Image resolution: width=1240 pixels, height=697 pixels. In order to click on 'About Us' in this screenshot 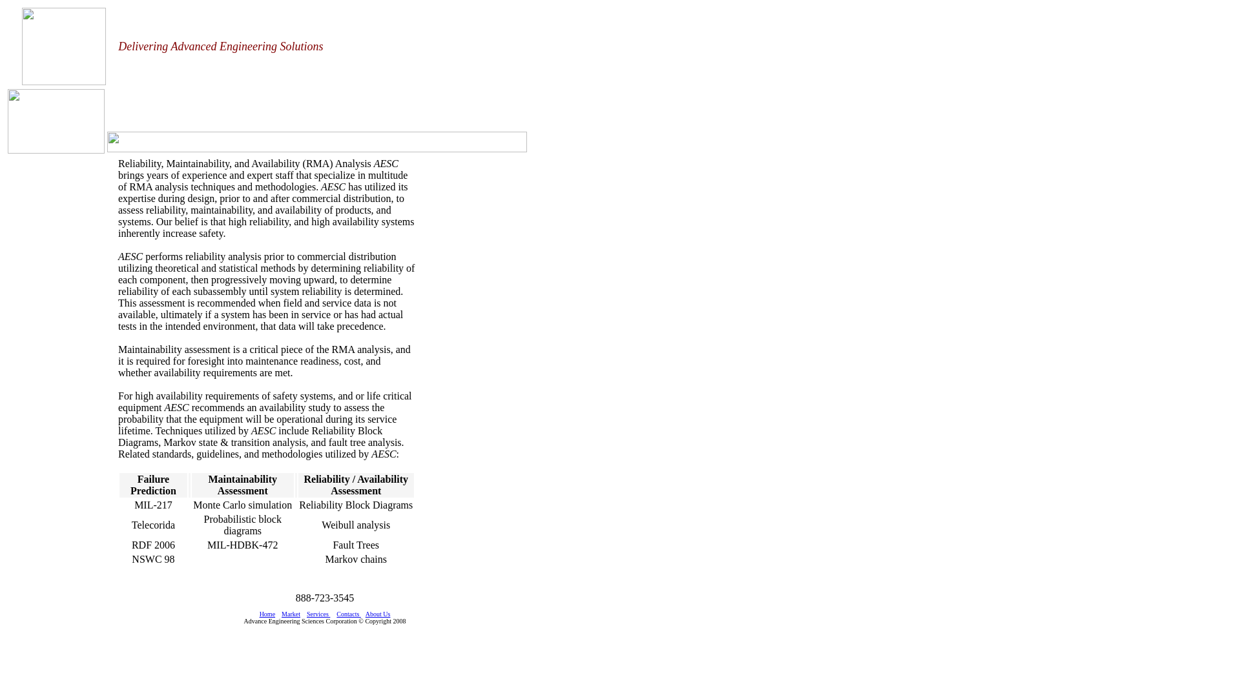, I will do `click(377, 613)`.